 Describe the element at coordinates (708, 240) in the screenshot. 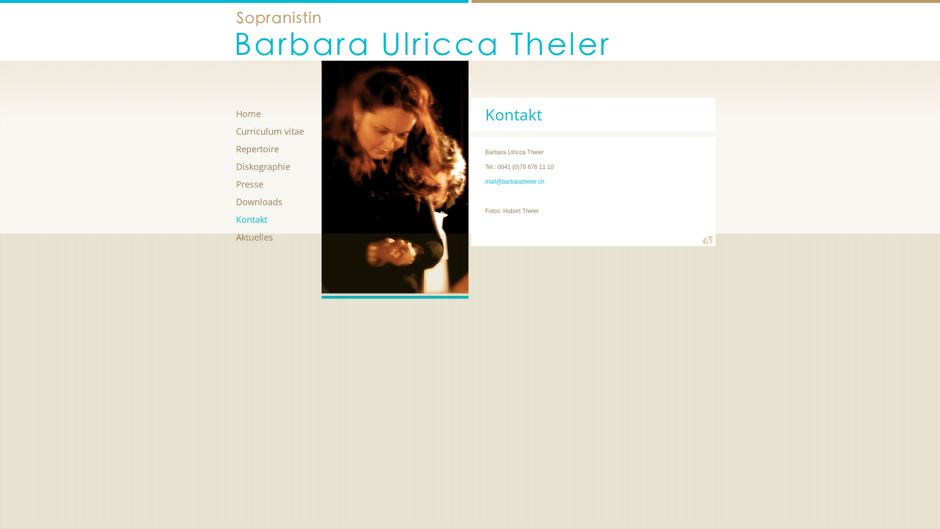

I see `'Joomla Internetagentur Masterhomepage GmbH'` at that location.